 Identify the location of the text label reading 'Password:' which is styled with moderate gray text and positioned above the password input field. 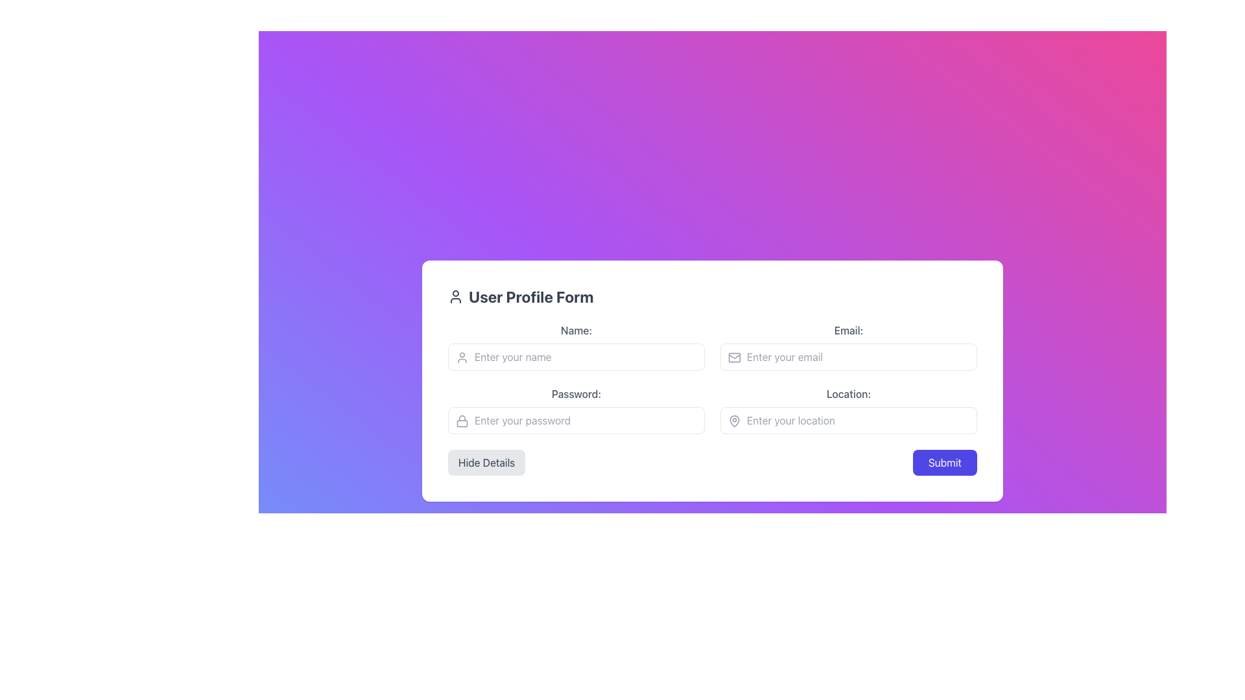
(575, 393).